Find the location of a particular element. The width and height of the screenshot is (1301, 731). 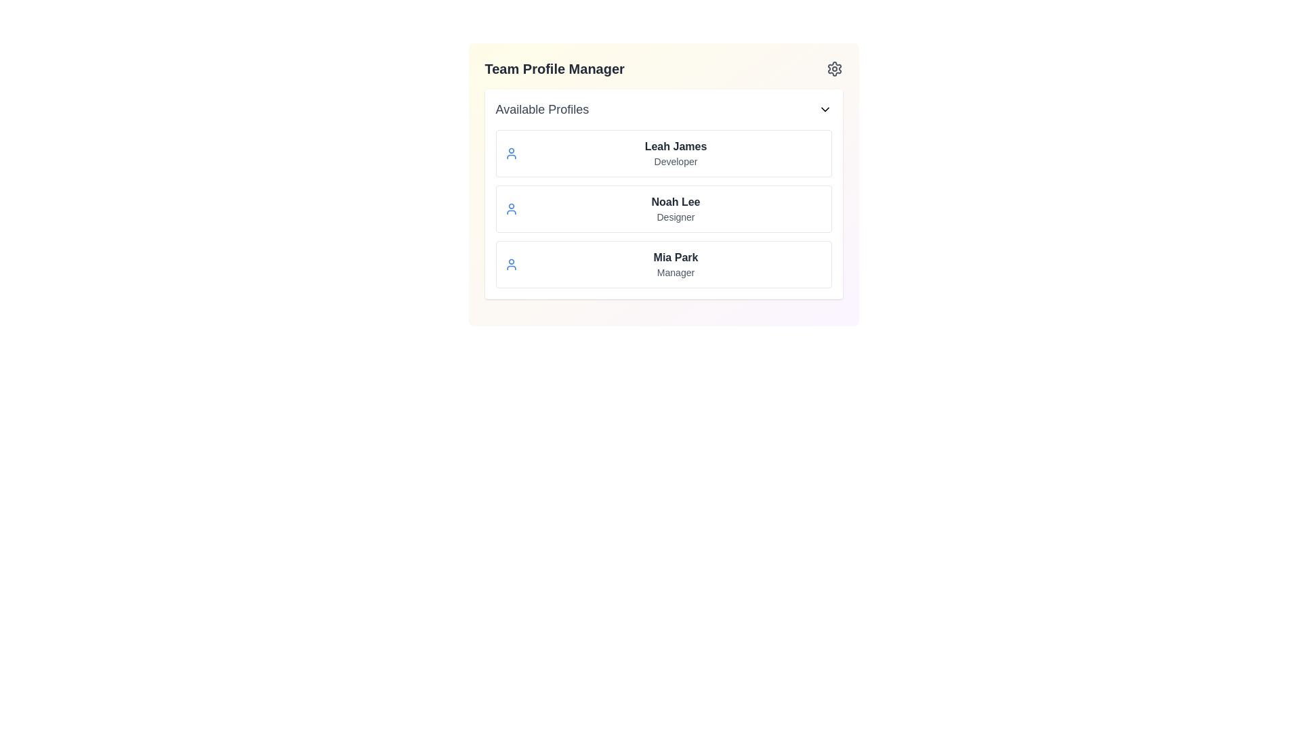

the profile entry displaying the name 'Mia Park' in the third entry of the 'Available Profiles' section within the 'Team Profile Manager' interface is located at coordinates (676, 258).